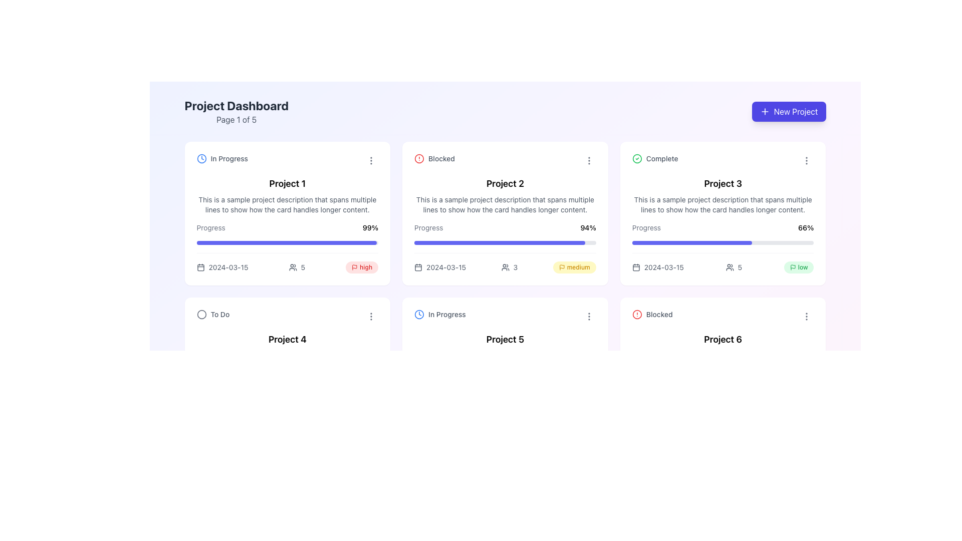 This screenshot has width=962, height=541. I want to click on the SVG circle element that visually represents a status indicator for a task's state, located above the label 'To Do' in the interface, so click(201, 314).